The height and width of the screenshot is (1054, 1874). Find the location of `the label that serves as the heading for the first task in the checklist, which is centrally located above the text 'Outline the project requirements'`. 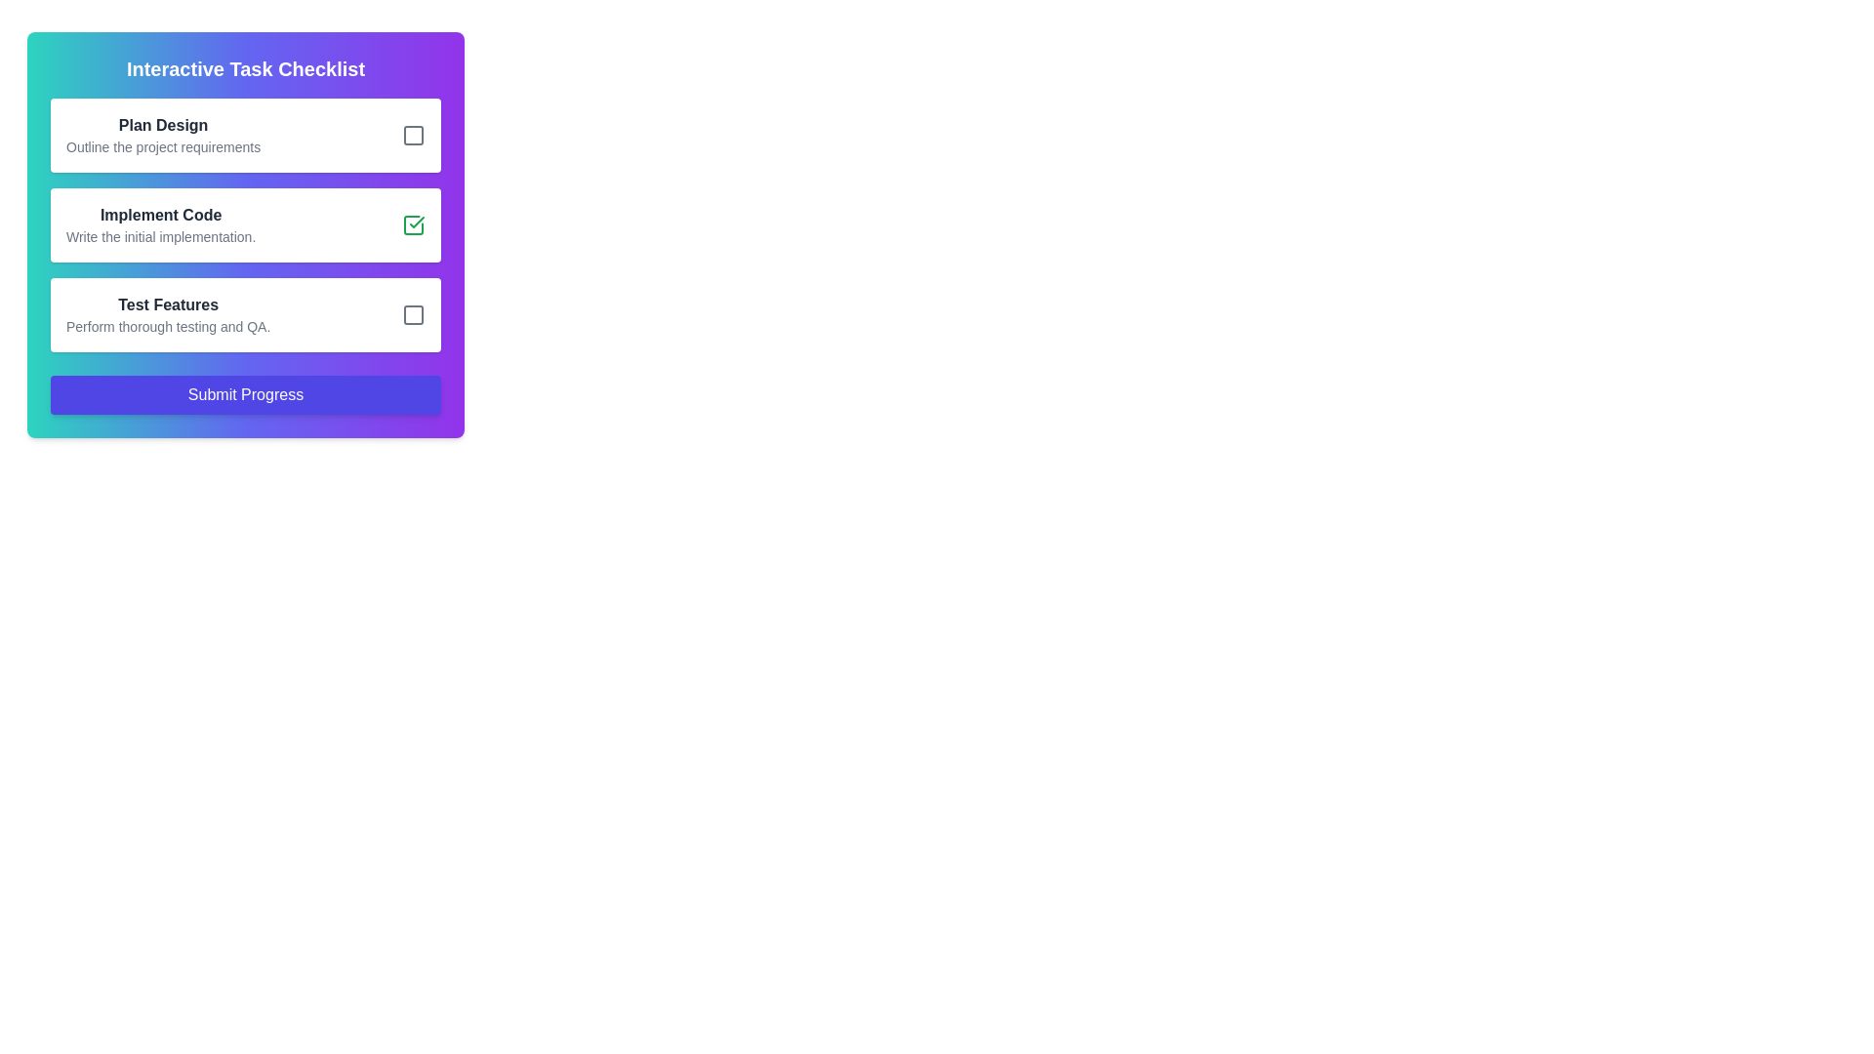

the label that serves as the heading for the first task in the checklist, which is centrally located above the text 'Outline the project requirements' is located at coordinates (163, 125).